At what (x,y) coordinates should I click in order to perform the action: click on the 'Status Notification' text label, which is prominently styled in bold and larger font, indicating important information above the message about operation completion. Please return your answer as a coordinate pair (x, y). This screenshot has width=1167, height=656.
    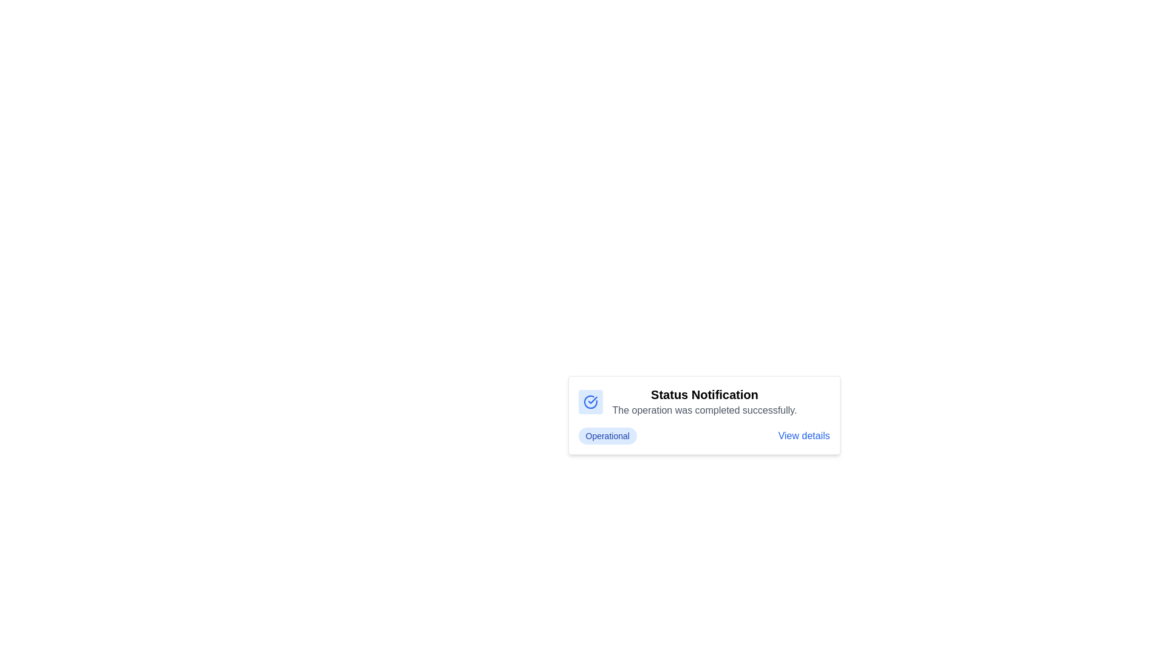
    Looking at the image, I should click on (704, 395).